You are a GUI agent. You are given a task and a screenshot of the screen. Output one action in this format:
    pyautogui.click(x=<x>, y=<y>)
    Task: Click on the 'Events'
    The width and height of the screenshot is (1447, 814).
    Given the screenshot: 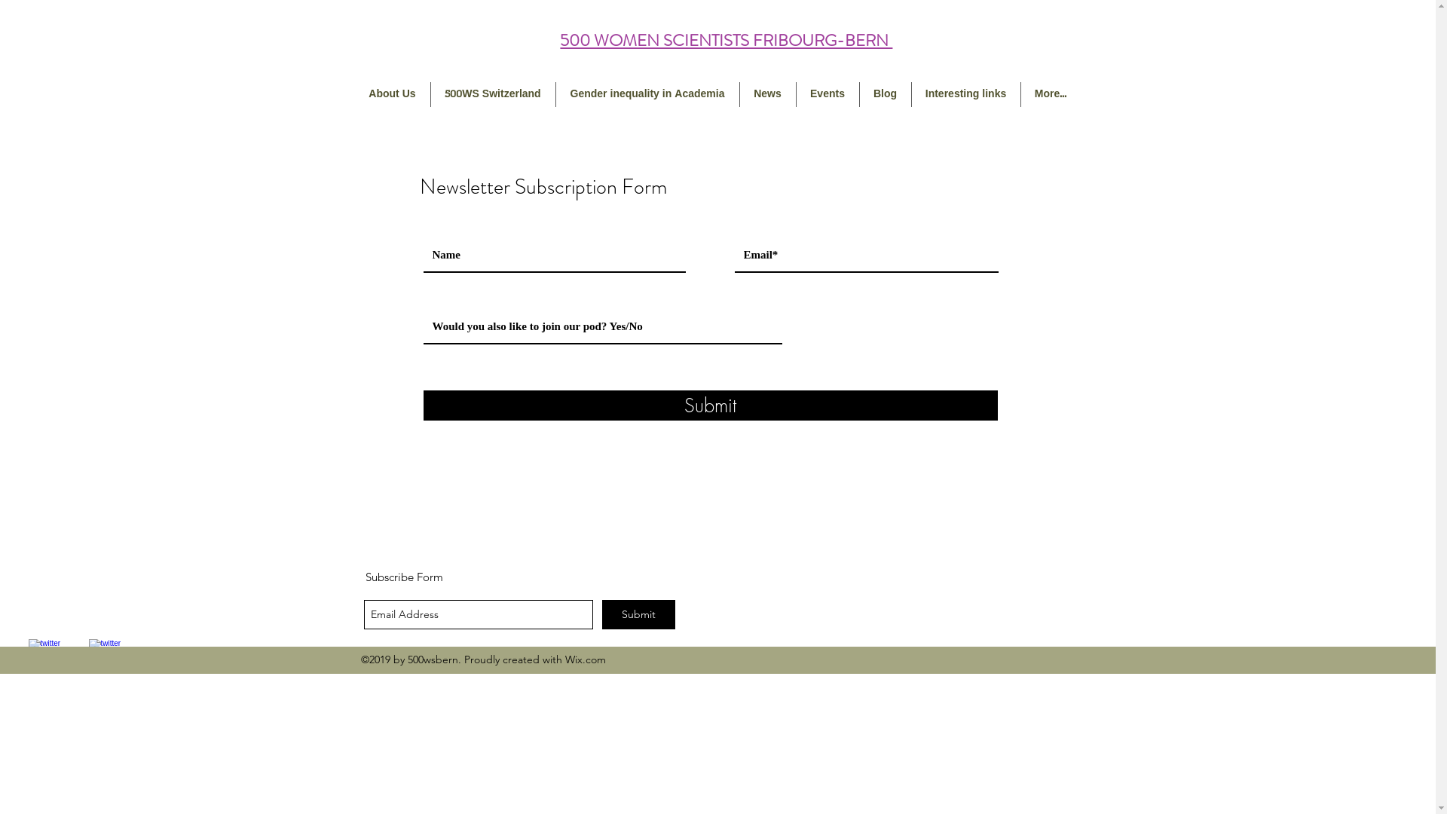 What is the action you would take?
    pyautogui.click(x=826, y=94)
    